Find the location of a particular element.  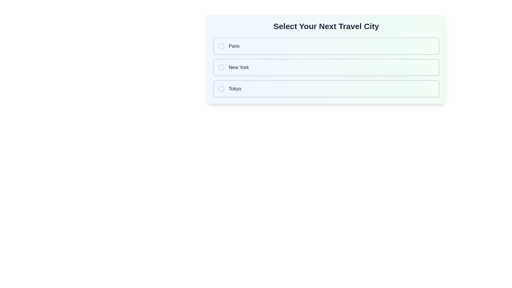

the SVG circle element representing the radio button for the 'Tokyo' option is located at coordinates (221, 88).